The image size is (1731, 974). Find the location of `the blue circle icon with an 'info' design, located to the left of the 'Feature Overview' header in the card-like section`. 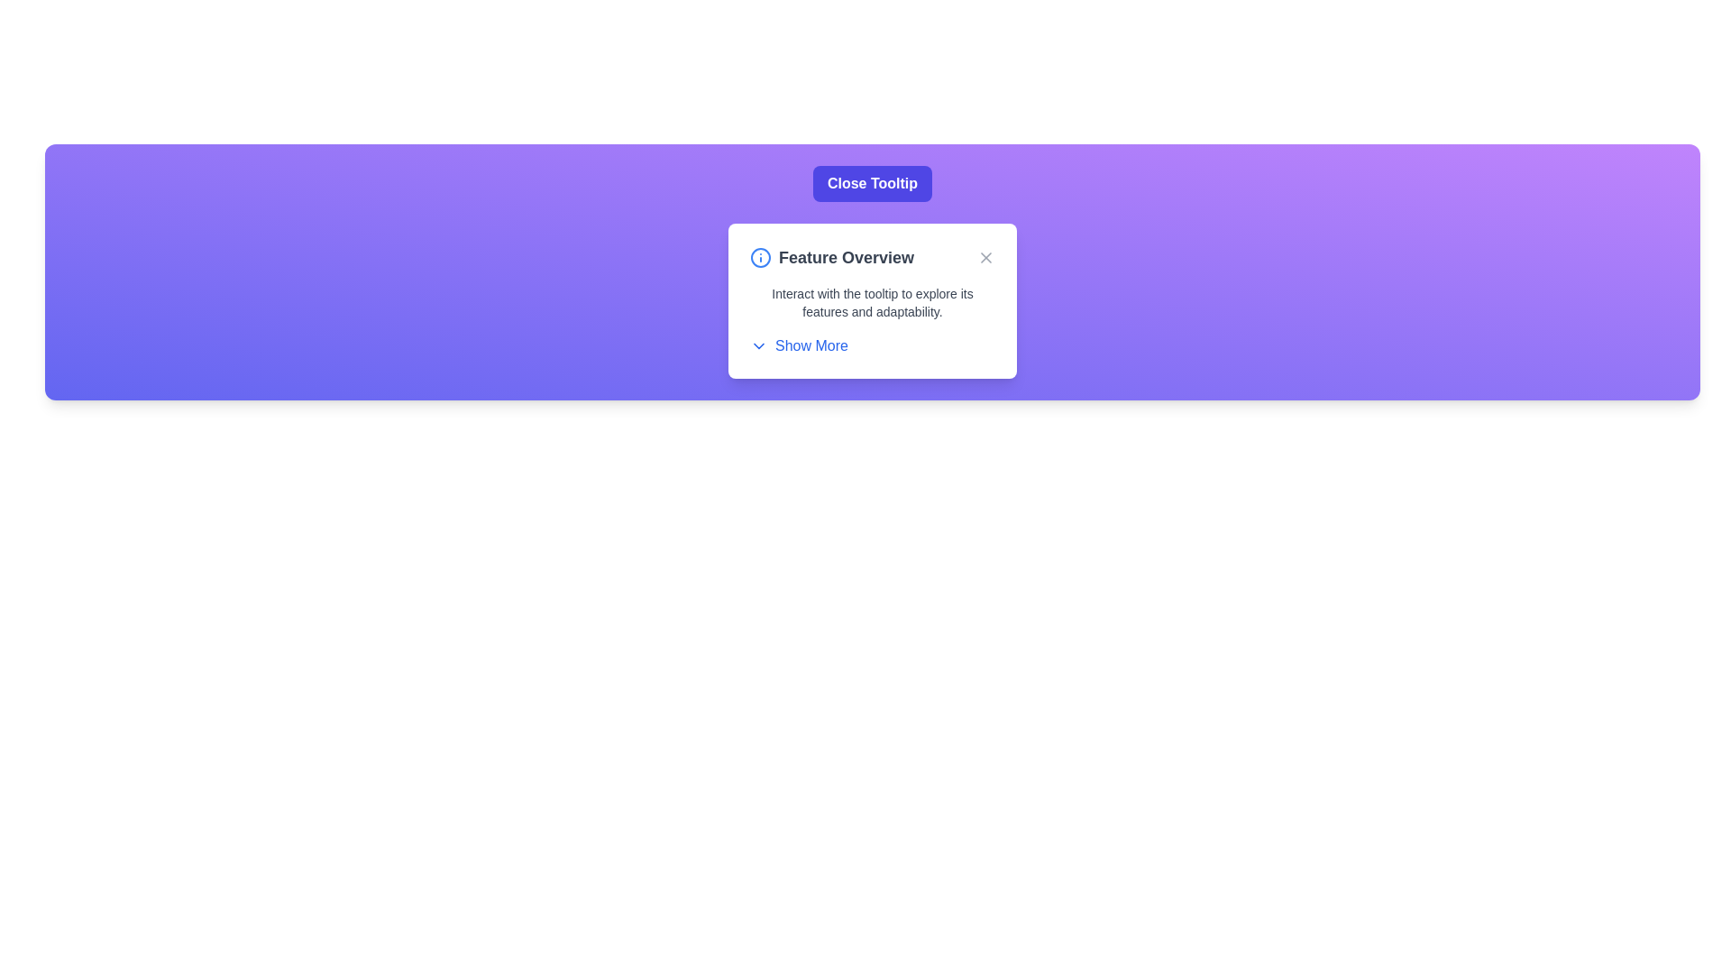

the blue circle icon with an 'info' design, located to the left of the 'Feature Overview' header in the card-like section is located at coordinates (761, 257).